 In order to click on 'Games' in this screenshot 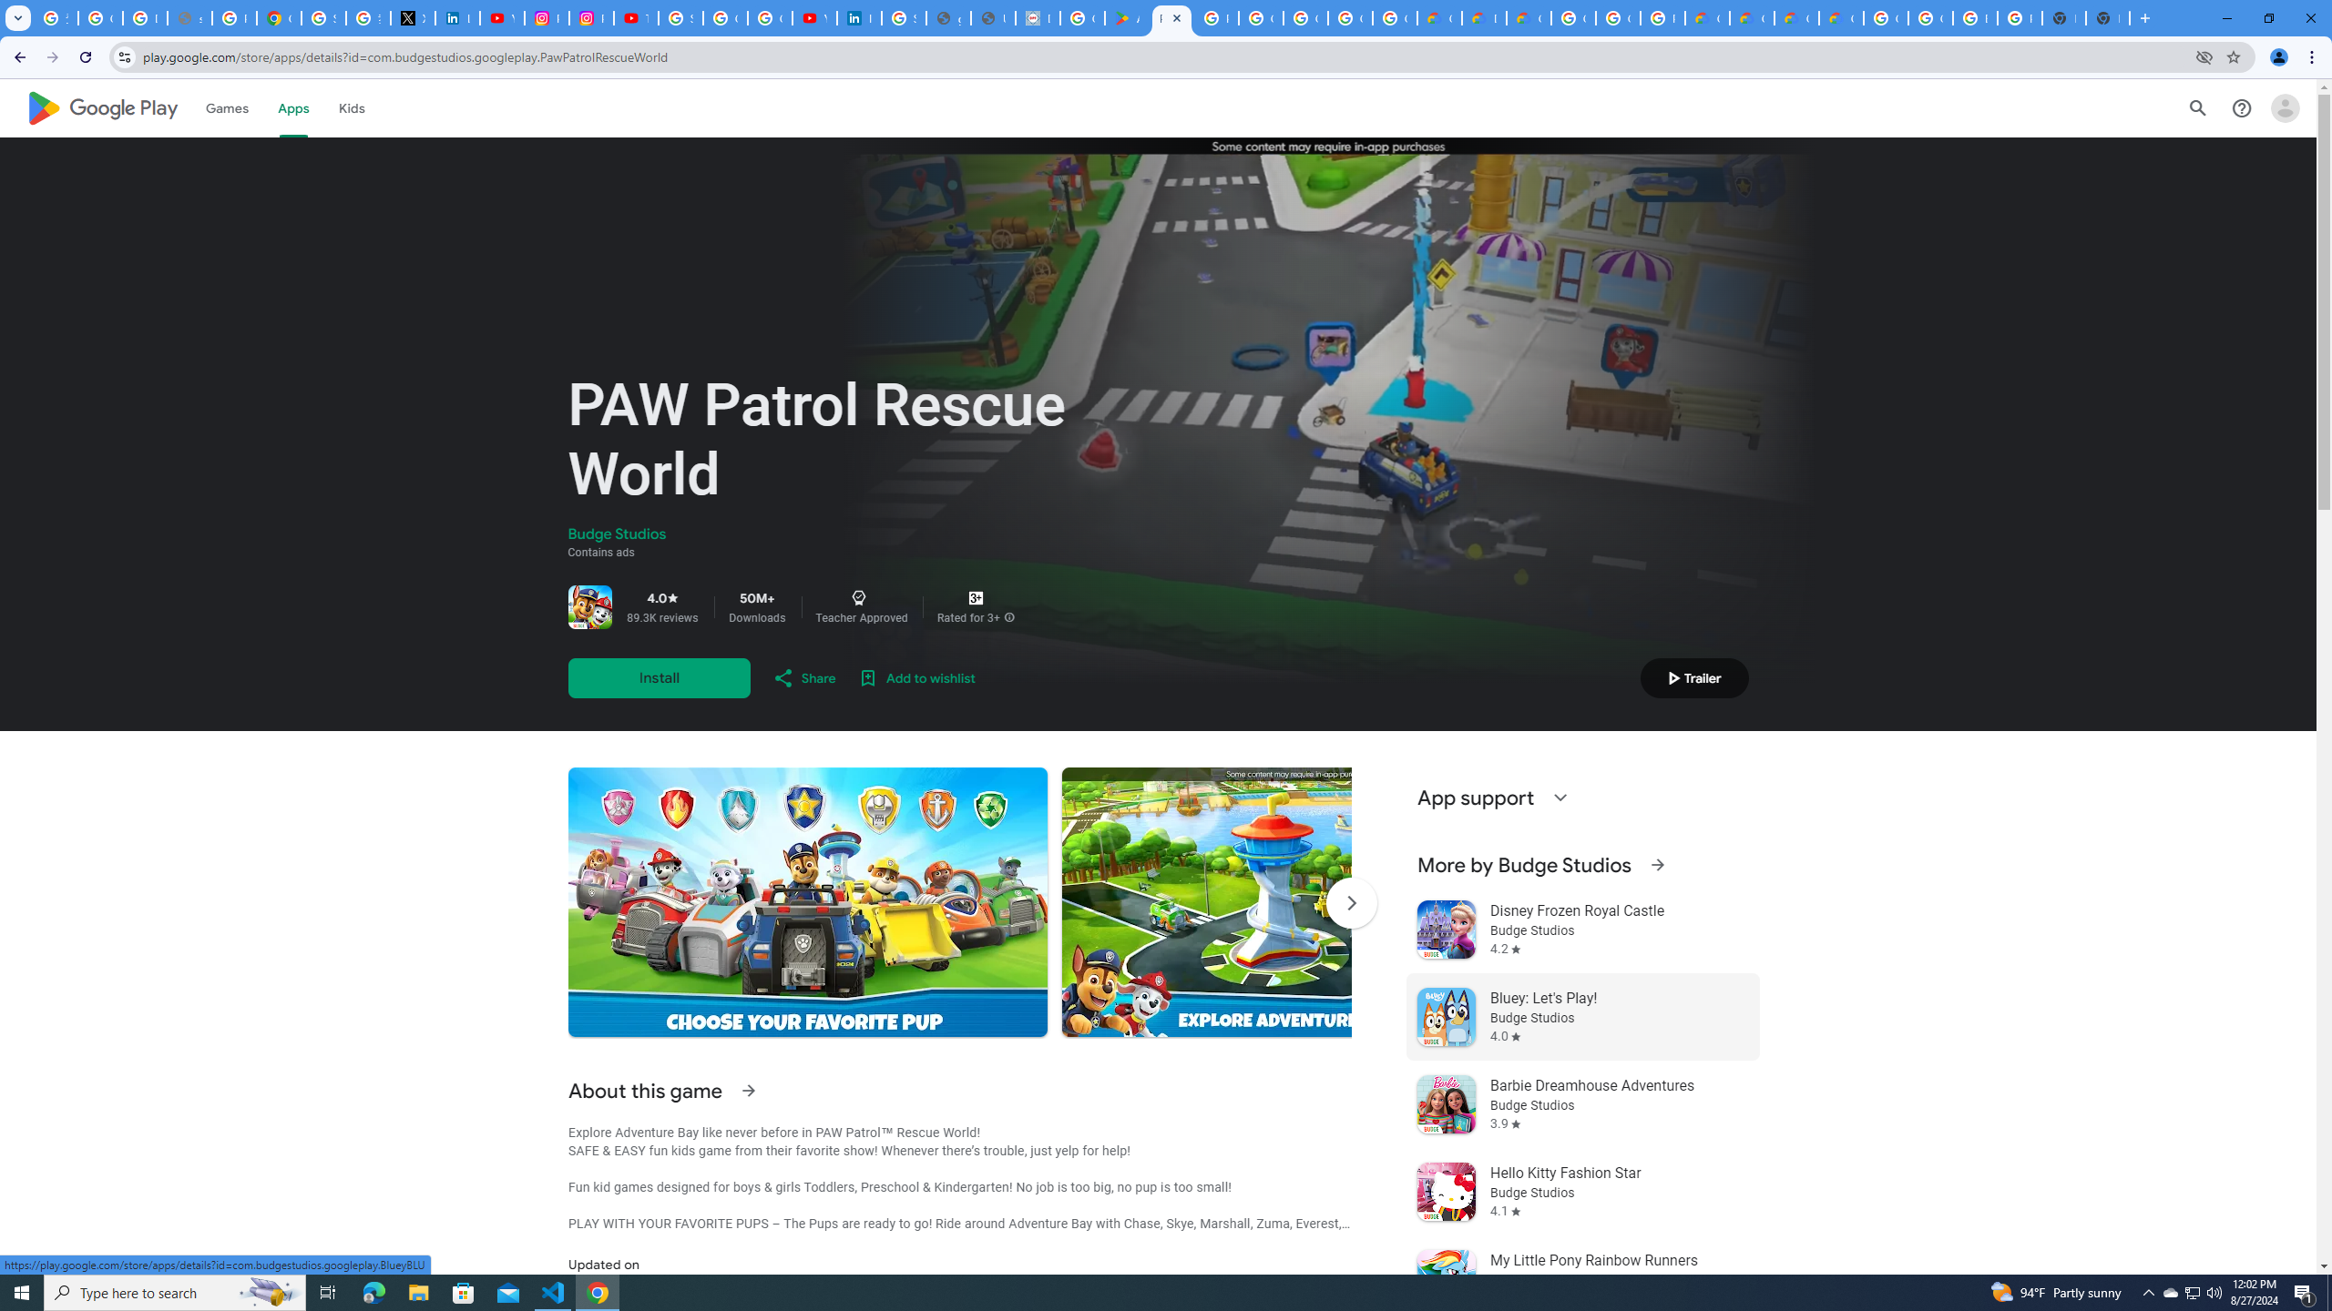, I will do `click(226, 107)`.